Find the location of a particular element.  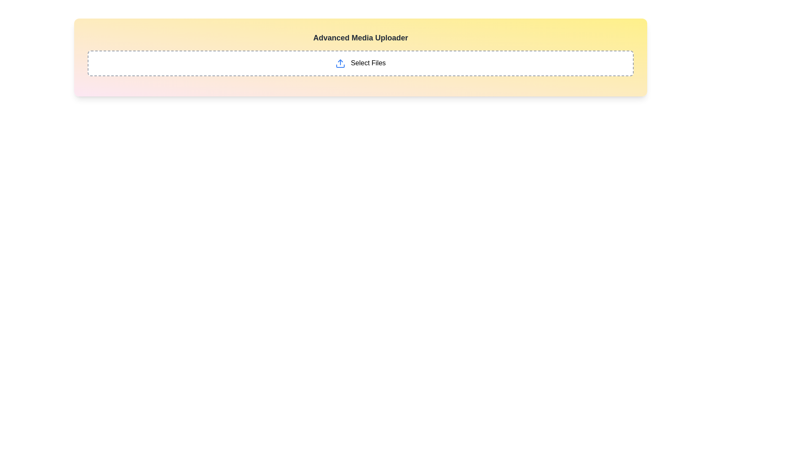

the 'Select Files' button, which is styled in blue and located centrally within a bordered dashed area below the 'Advanced Media Uploader' header is located at coordinates (360, 63).